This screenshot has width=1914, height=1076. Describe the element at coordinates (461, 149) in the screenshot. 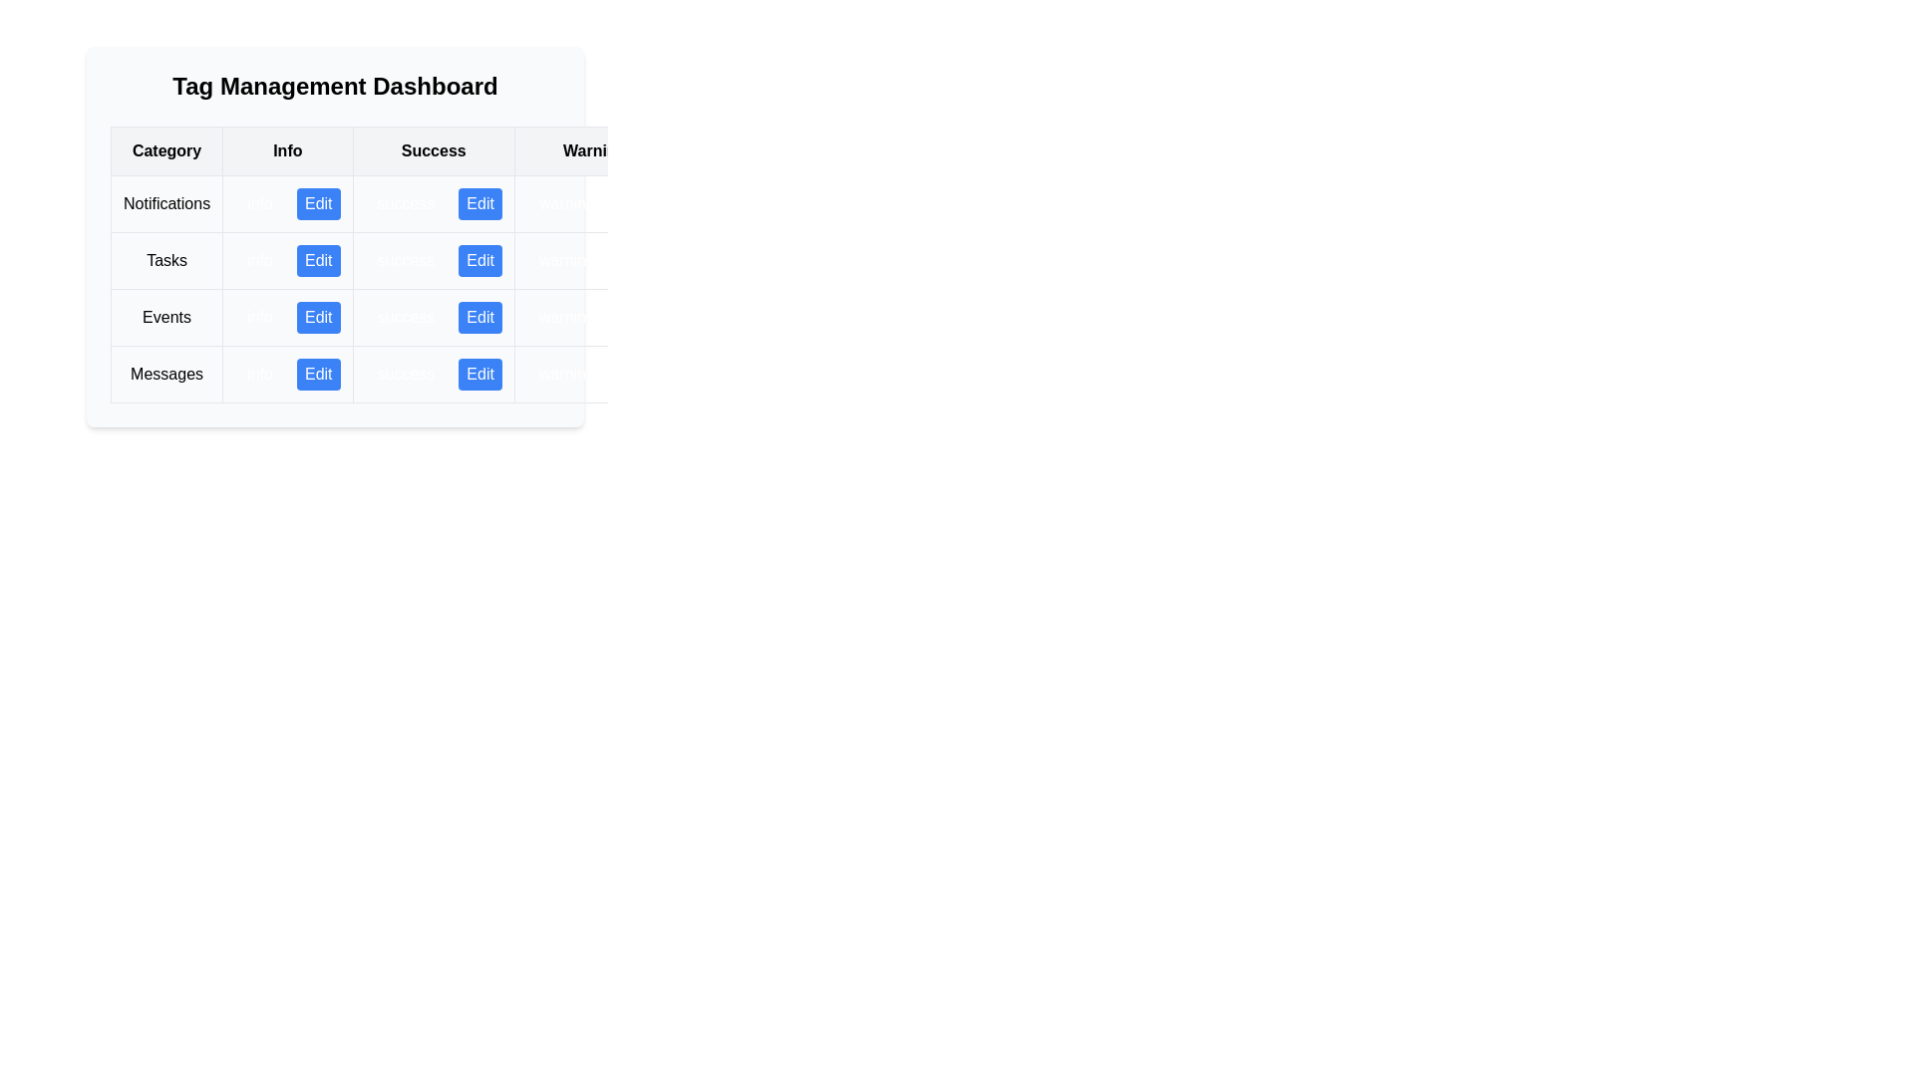

I see `the 'Success' text element in the table header row, which is styled with a bold black font on a light gray background, positioned as the third header in the grid structure` at that location.